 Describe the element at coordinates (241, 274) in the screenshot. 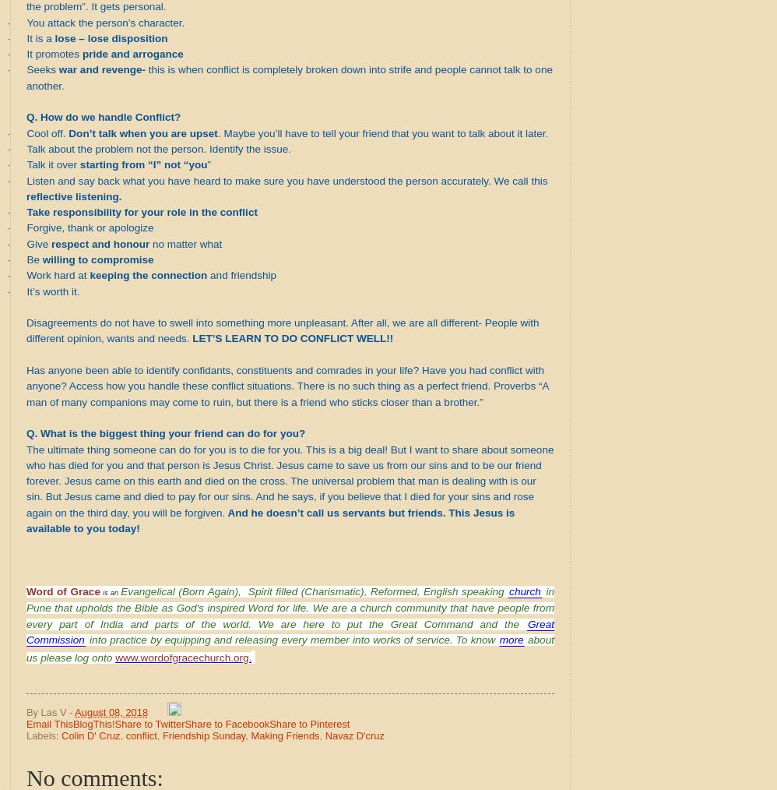

I see `'and
friendship'` at that location.